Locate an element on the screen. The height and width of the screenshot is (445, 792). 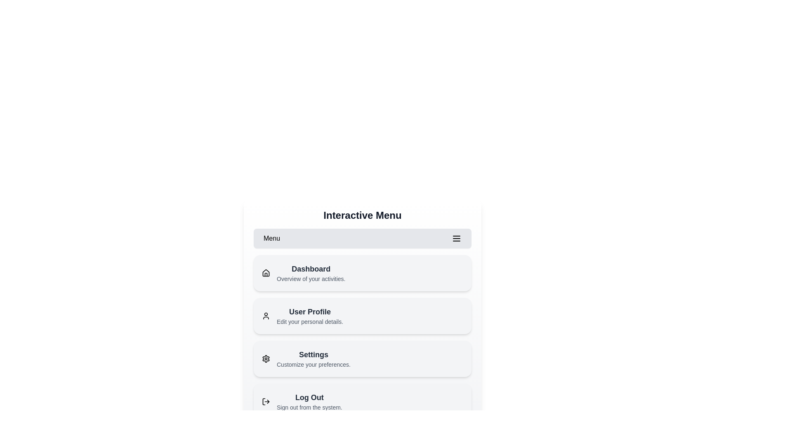
the 'Menu' button to toggle the menu visibility is located at coordinates (362, 238).